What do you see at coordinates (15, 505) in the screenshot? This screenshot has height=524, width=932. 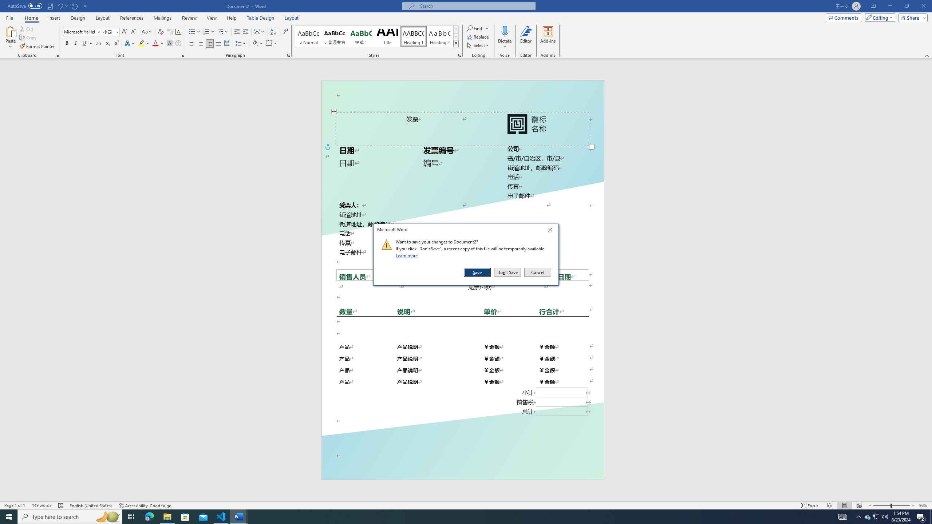 I see `'Page Number Page 1 of 1'` at bounding box center [15, 505].